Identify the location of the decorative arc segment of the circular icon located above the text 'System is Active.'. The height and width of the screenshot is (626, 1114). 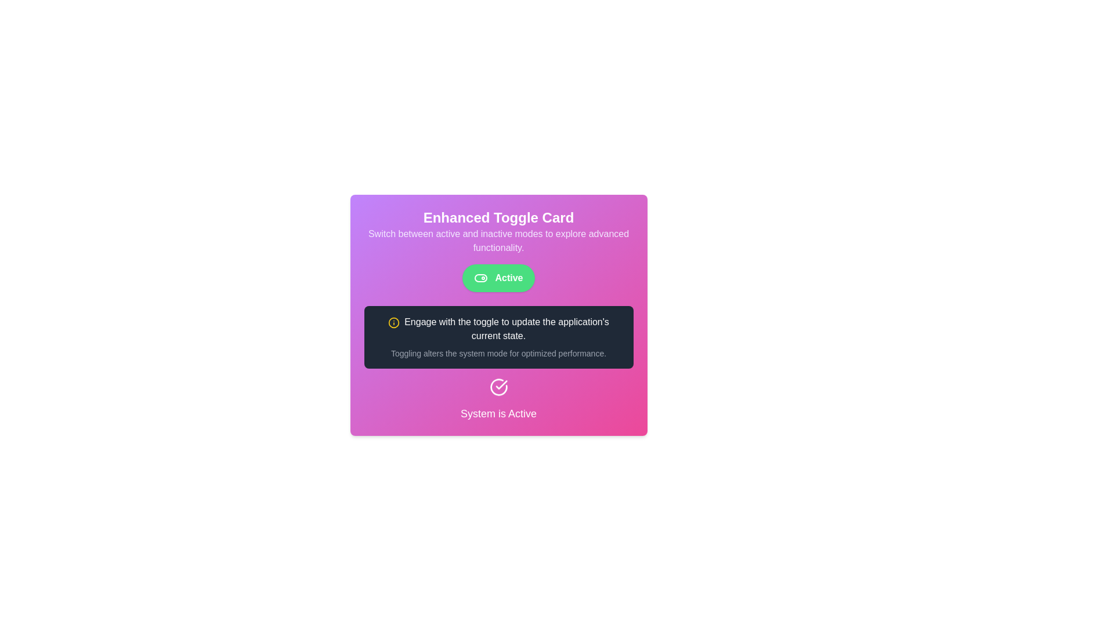
(498, 390).